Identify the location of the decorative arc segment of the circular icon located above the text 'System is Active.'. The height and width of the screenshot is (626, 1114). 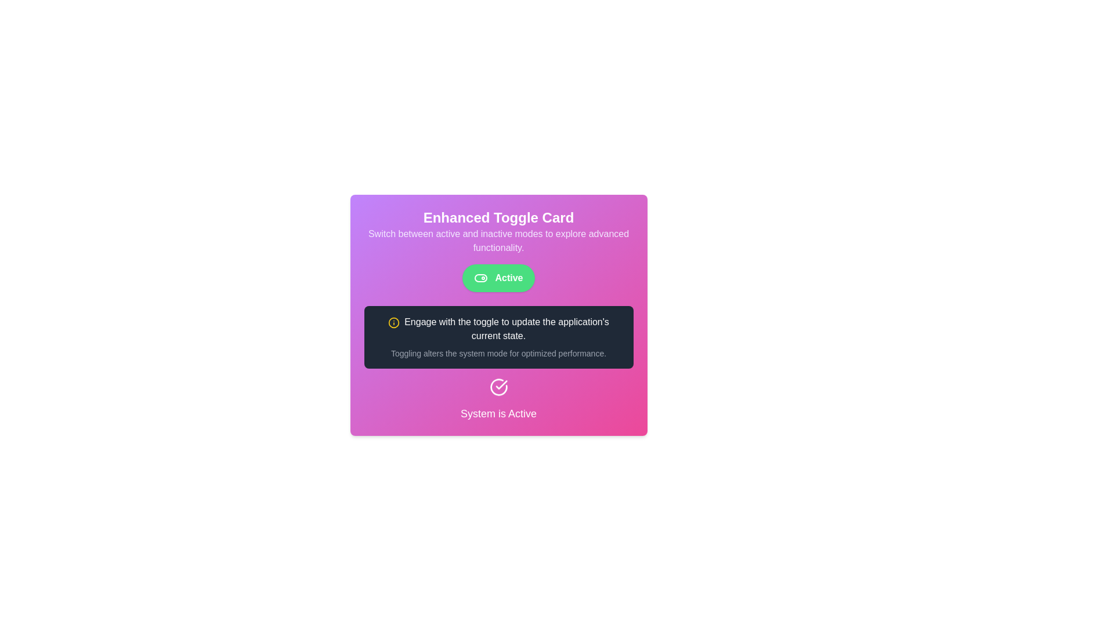
(498, 390).